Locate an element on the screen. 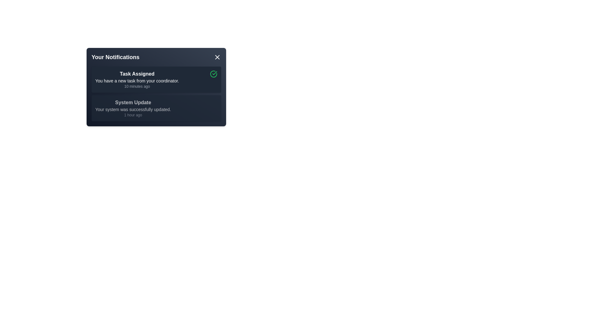  non-interactive text element that conveys information about a successful system update, located in the notification card under the heading 'System Update.' is located at coordinates (133, 109).